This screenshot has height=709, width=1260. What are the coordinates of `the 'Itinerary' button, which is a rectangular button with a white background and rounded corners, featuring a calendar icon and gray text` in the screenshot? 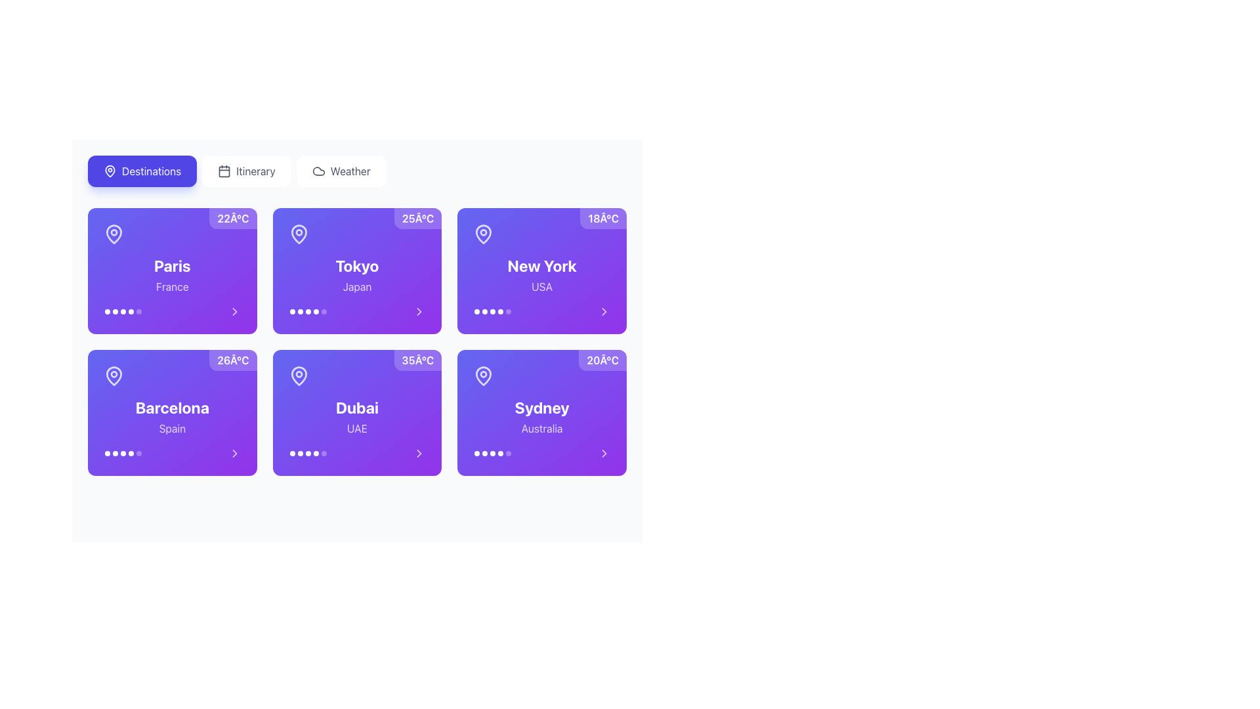 It's located at (246, 171).